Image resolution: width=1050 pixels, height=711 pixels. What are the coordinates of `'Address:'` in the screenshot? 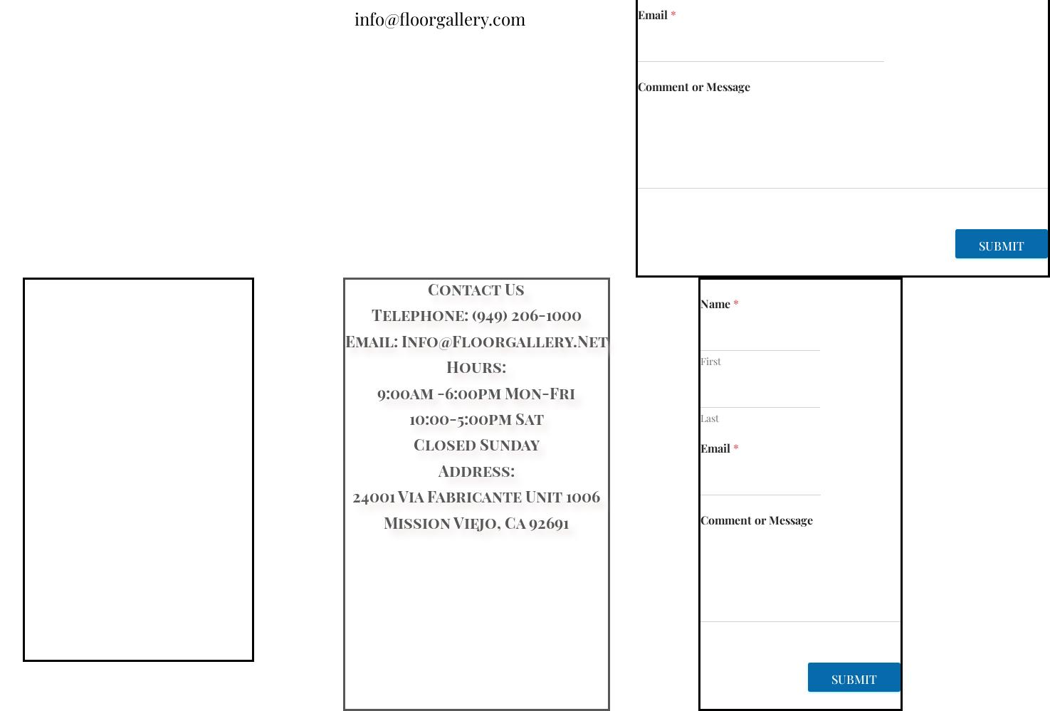 It's located at (436, 469).